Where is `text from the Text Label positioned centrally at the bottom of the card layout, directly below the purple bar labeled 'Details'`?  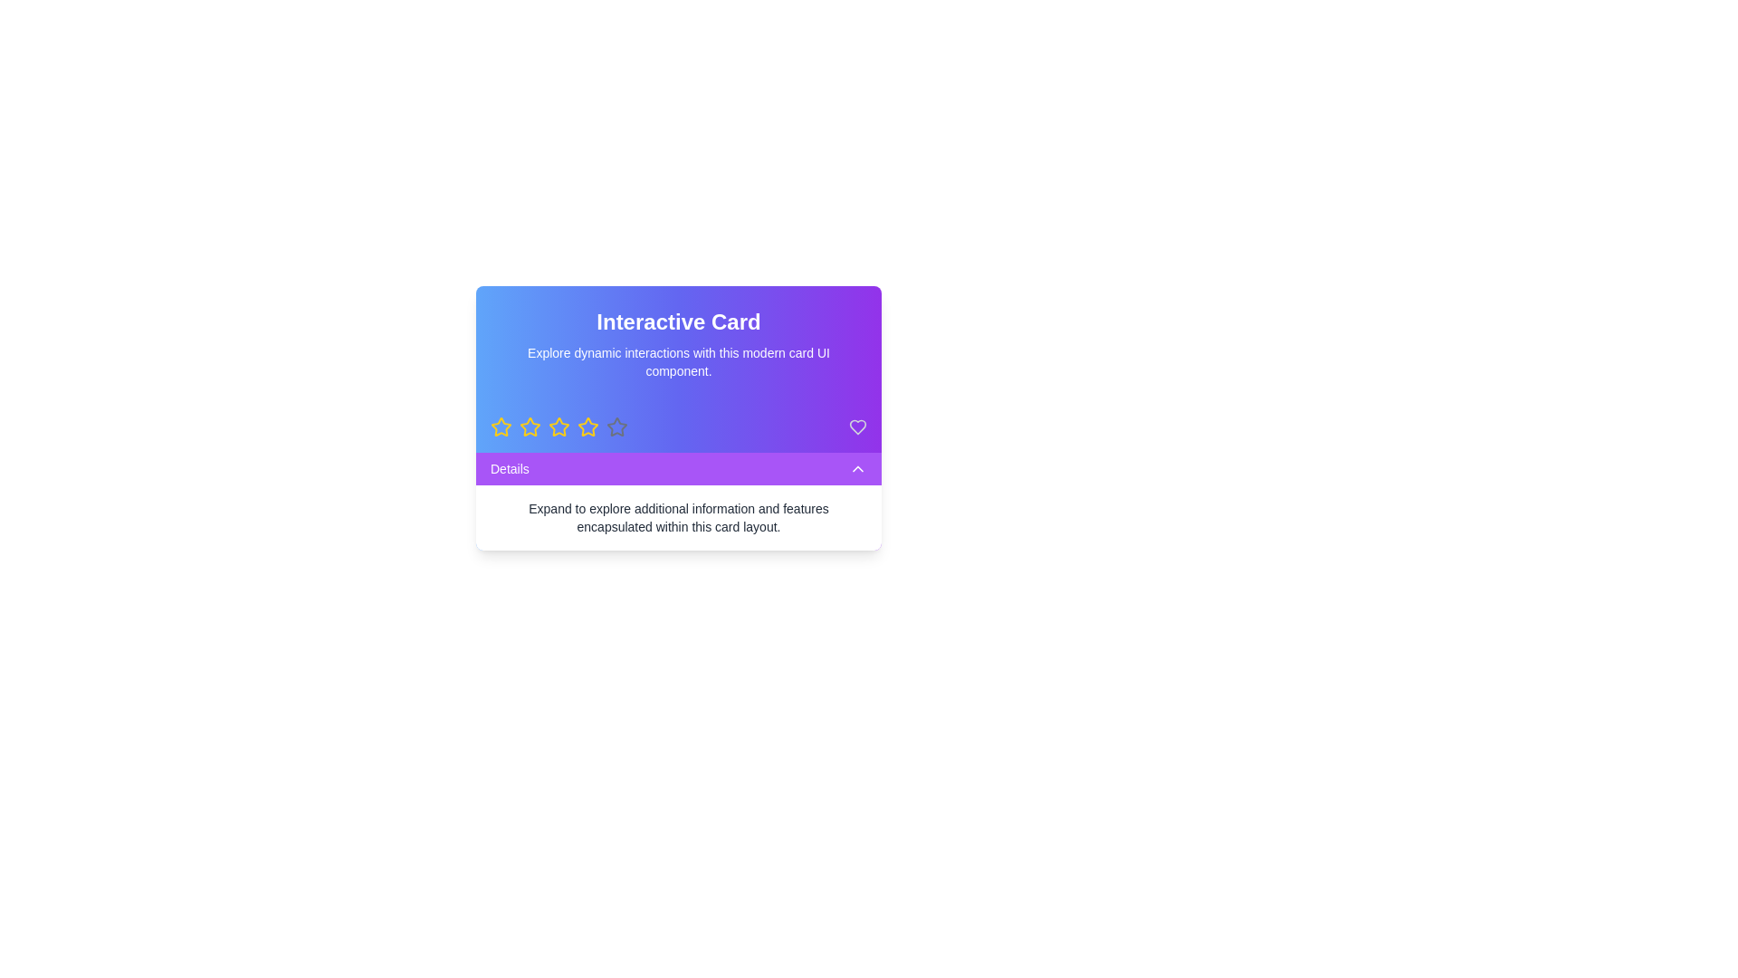 text from the Text Label positioned centrally at the bottom of the card layout, directly below the purple bar labeled 'Details' is located at coordinates (677, 517).